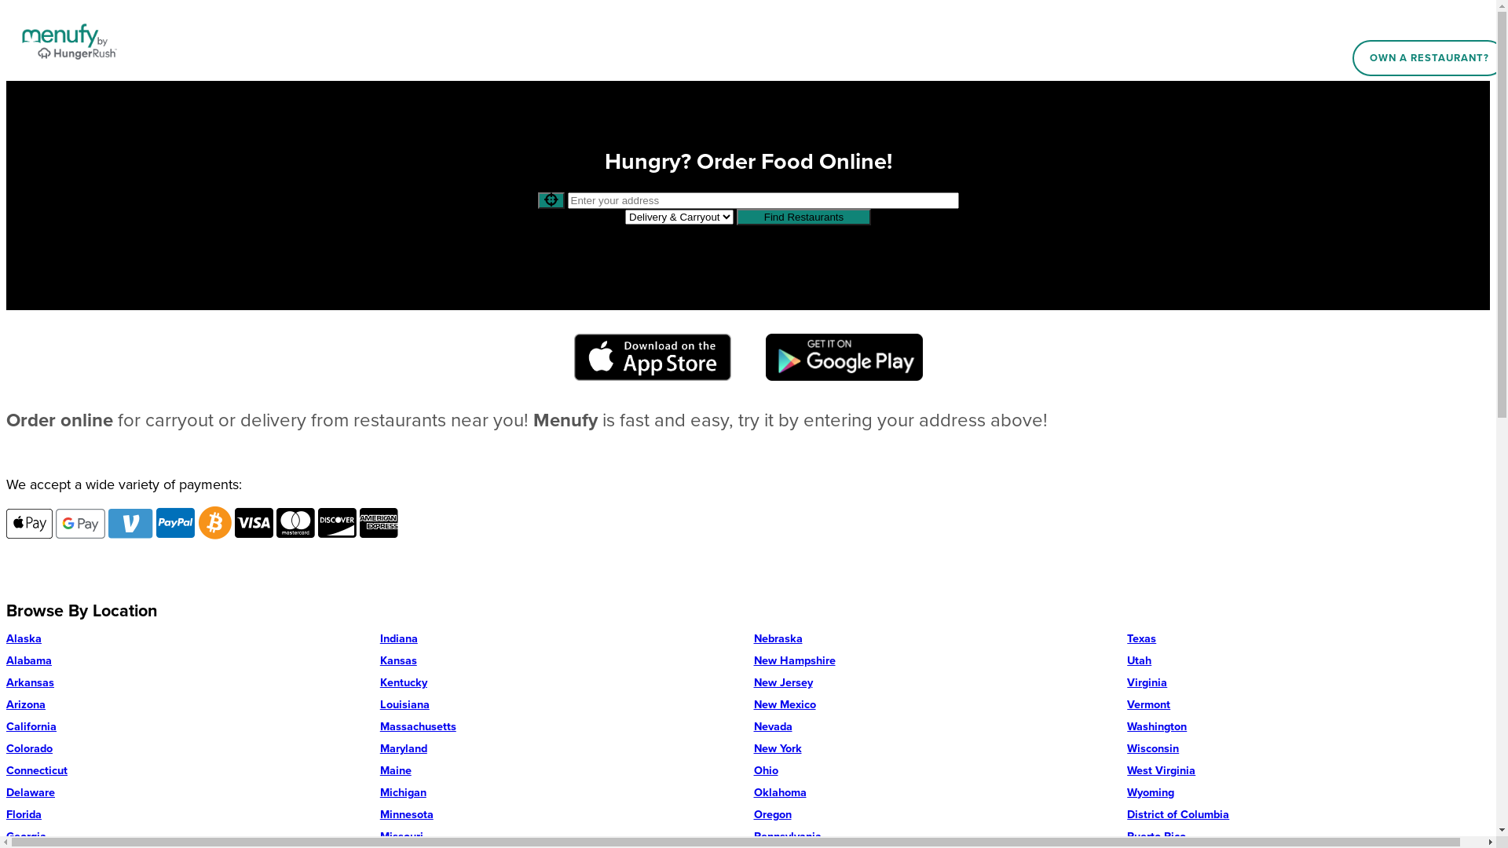 This screenshot has height=848, width=1508. Describe the element at coordinates (803, 217) in the screenshot. I see `'Find Restaurants'` at that location.